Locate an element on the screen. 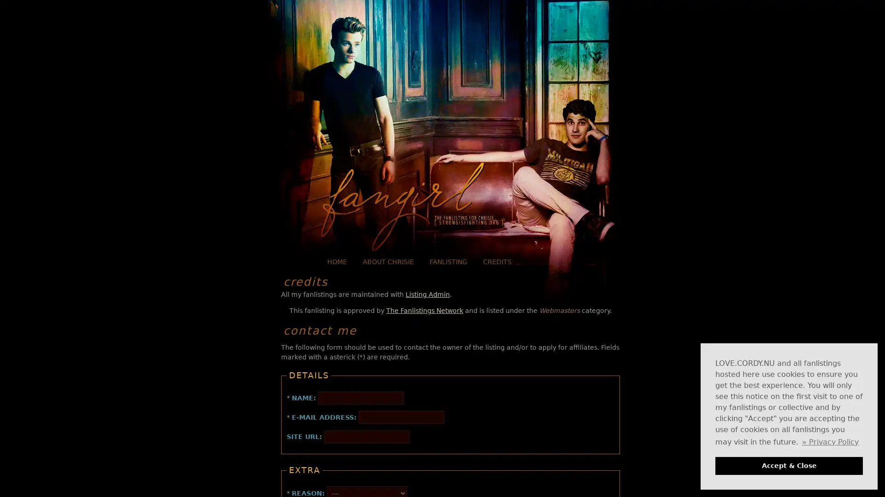 Image resolution: width=885 pixels, height=497 pixels. learn more about cookies is located at coordinates (830, 441).